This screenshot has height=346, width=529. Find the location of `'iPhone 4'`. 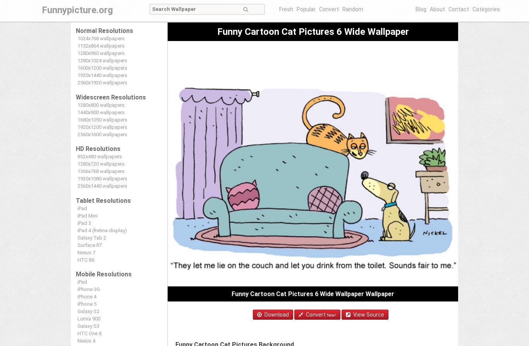

'iPhone 4' is located at coordinates (86, 296).